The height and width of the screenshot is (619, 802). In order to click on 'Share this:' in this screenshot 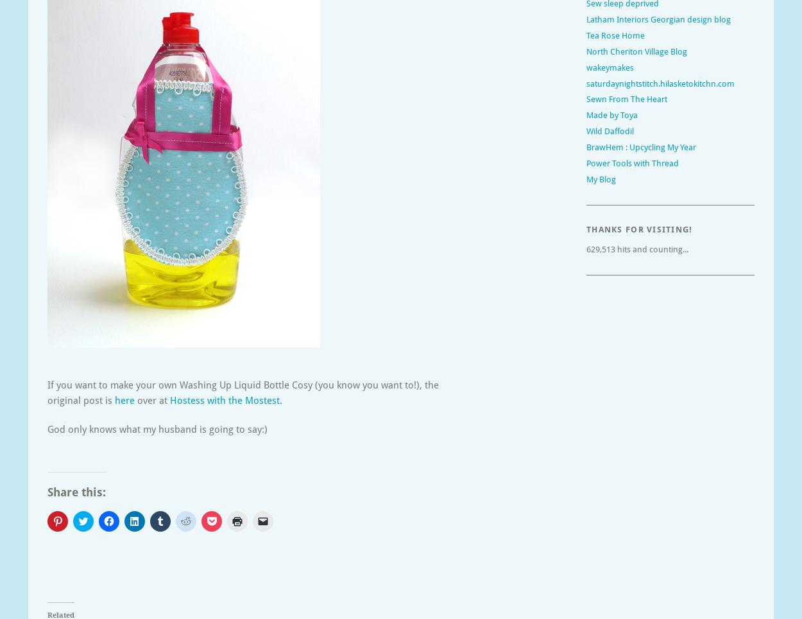, I will do `click(76, 491)`.